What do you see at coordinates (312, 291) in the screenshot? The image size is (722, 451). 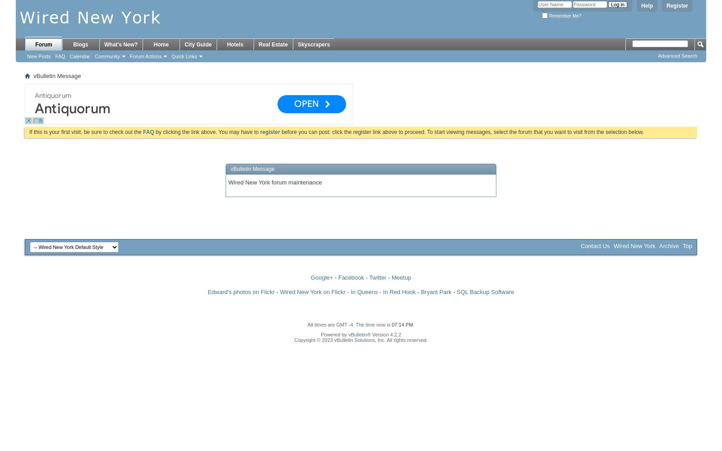 I see `'Wired New York on Flickr'` at bounding box center [312, 291].